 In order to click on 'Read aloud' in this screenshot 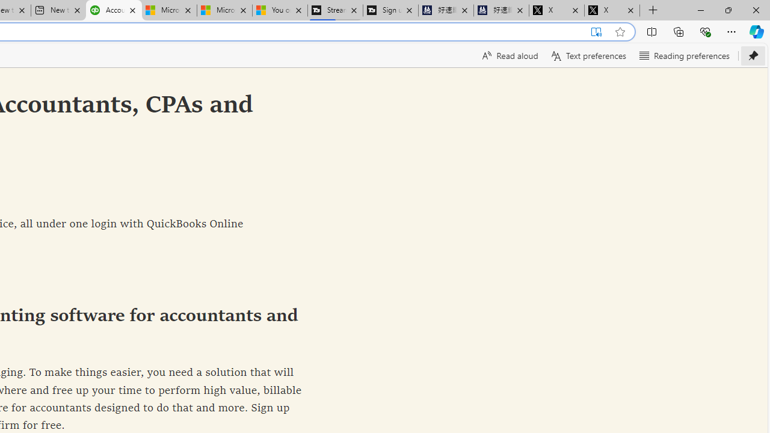, I will do `click(509, 55)`.